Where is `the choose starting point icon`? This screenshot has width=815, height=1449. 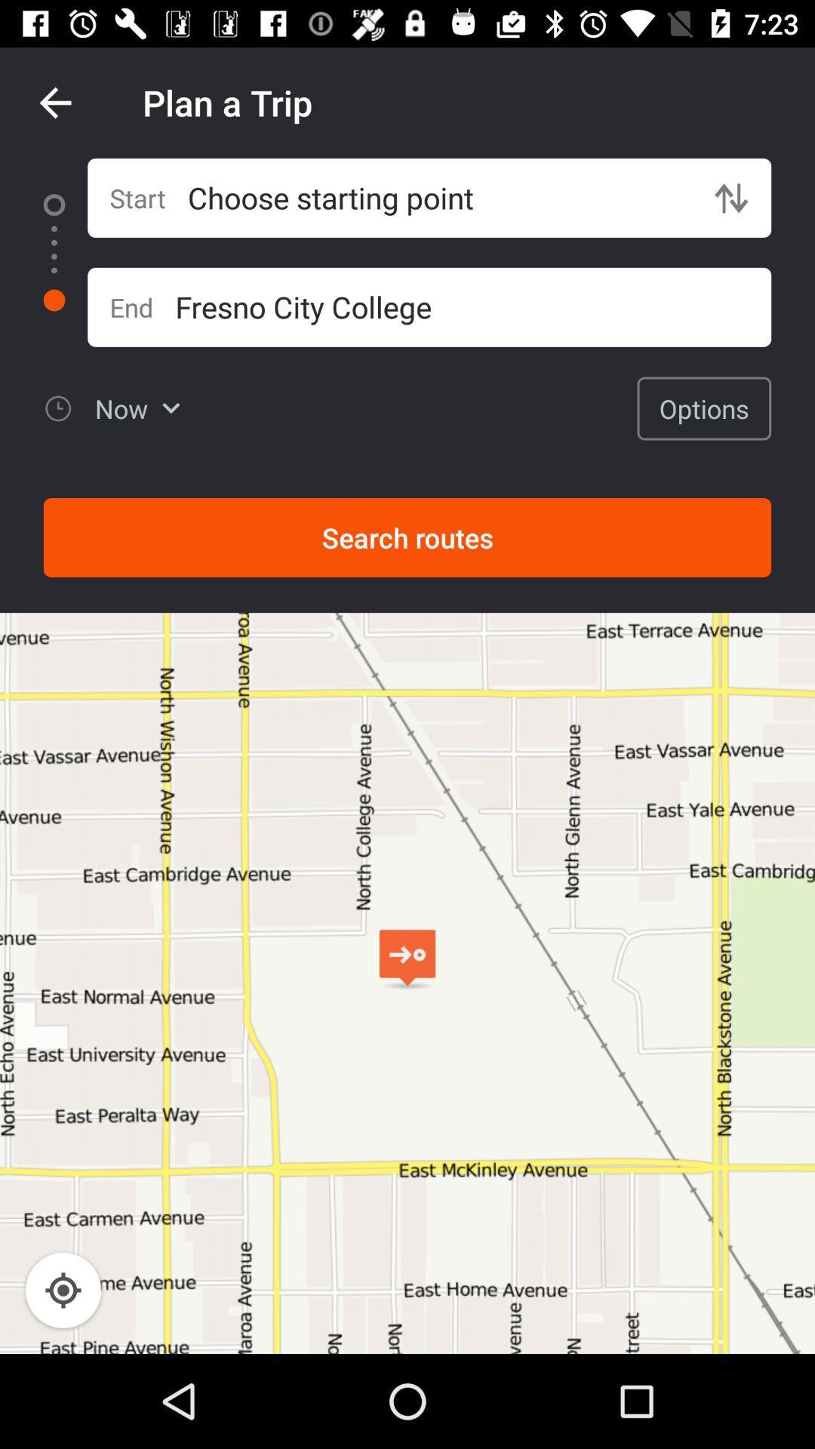
the choose starting point icon is located at coordinates (439, 197).